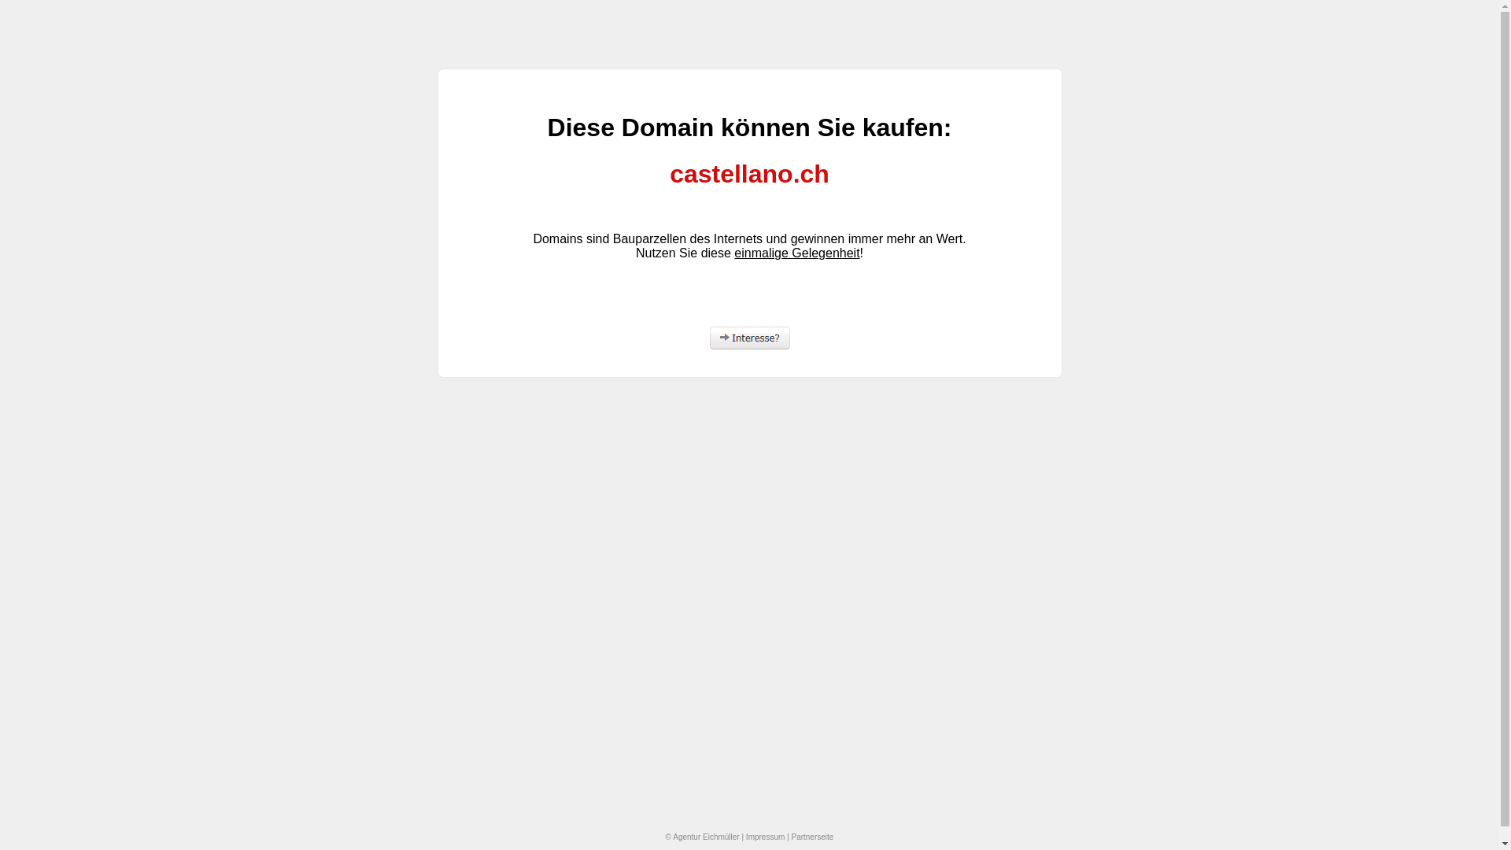  Describe the element at coordinates (812, 836) in the screenshot. I see `'Partnerseite'` at that location.